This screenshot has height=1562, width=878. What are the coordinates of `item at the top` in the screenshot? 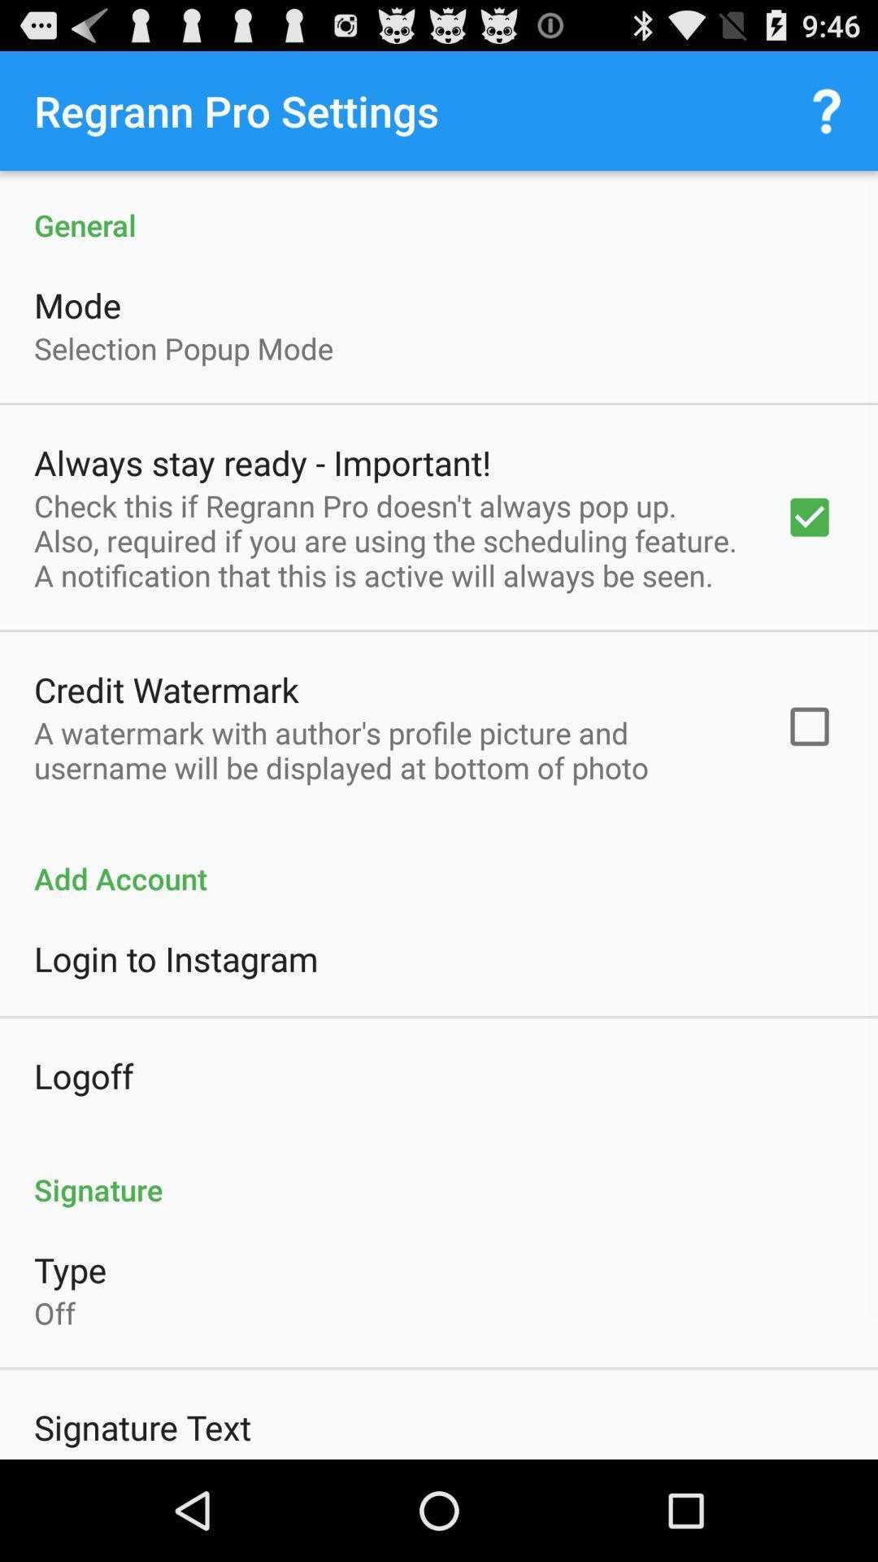 It's located at (439, 207).